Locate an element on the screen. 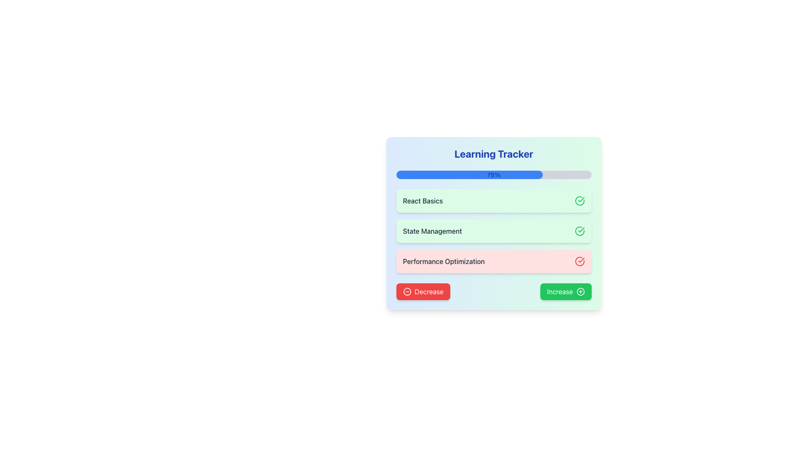  the status text on the Information display card labeled 'State Management', which is centrally positioned in the second row of a vertical stack of three rows is located at coordinates (494, 223).